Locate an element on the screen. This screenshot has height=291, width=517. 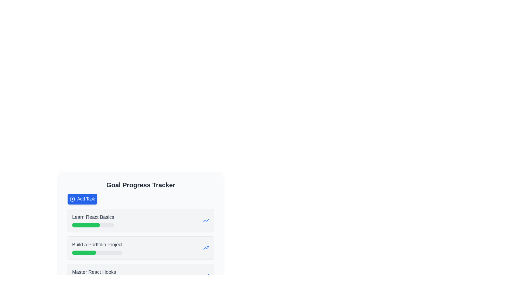
the first task item is located at coordinates (141, 220).